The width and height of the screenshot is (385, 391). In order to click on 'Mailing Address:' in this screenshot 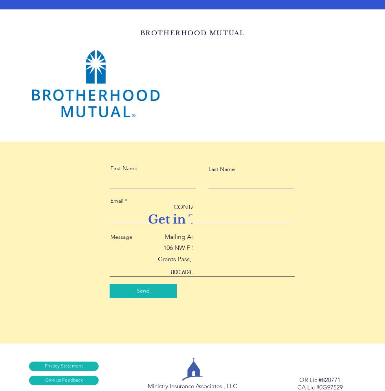, I will do `click(165, 236)`.